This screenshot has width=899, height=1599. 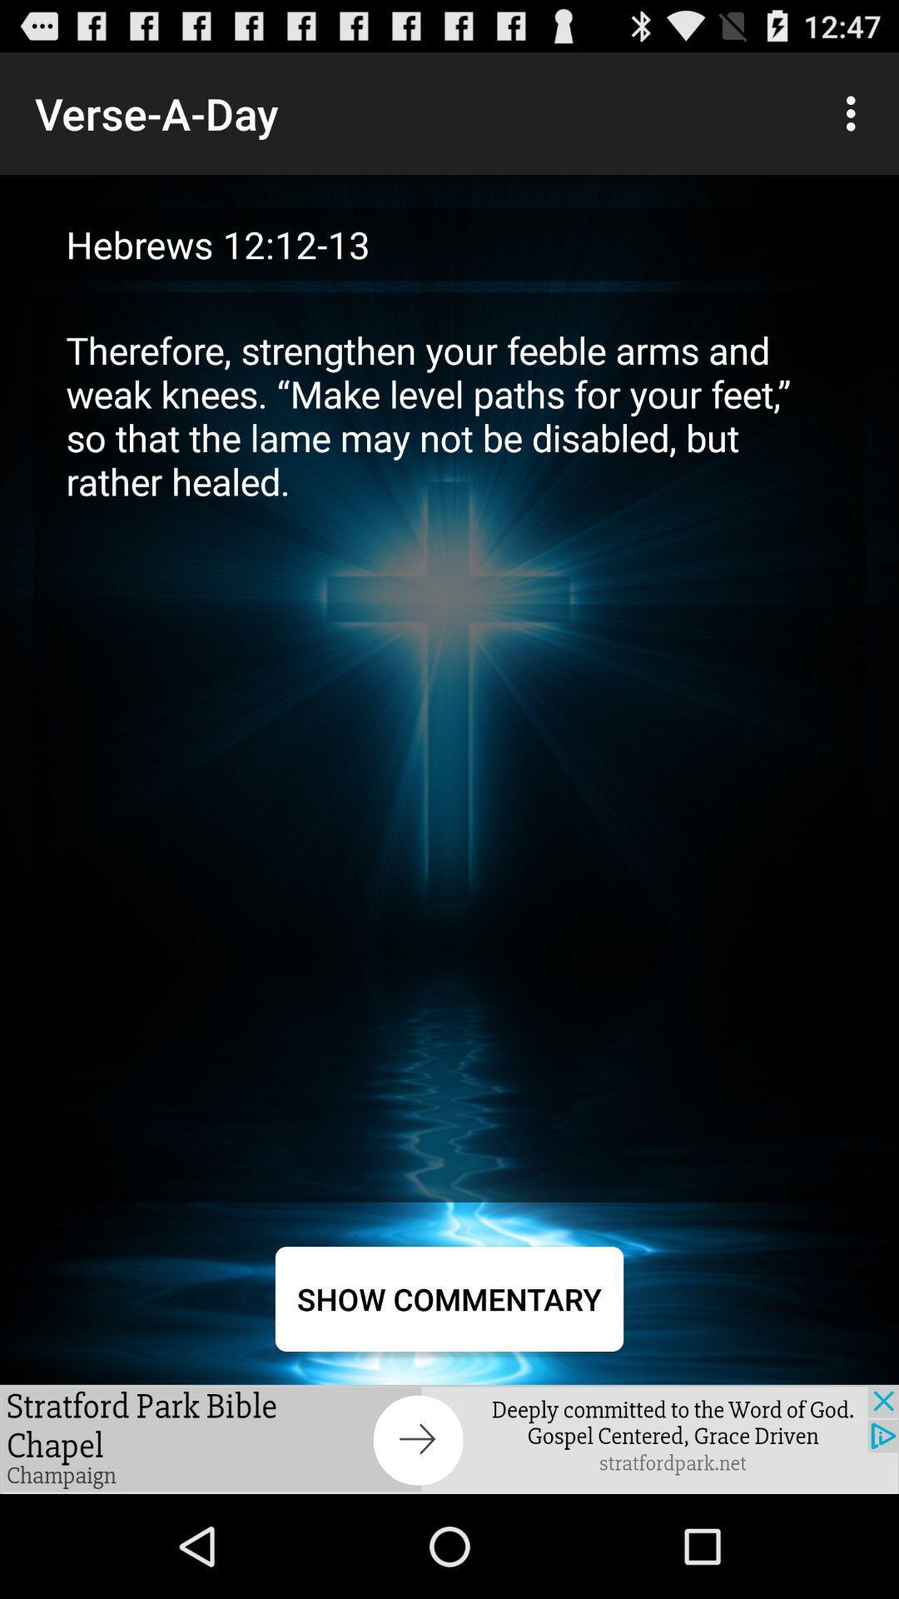 What do you see at coordinates (449, 1438) in the screenshot?
I see `the item below show commentary item` at bounding box center [449, 1438].